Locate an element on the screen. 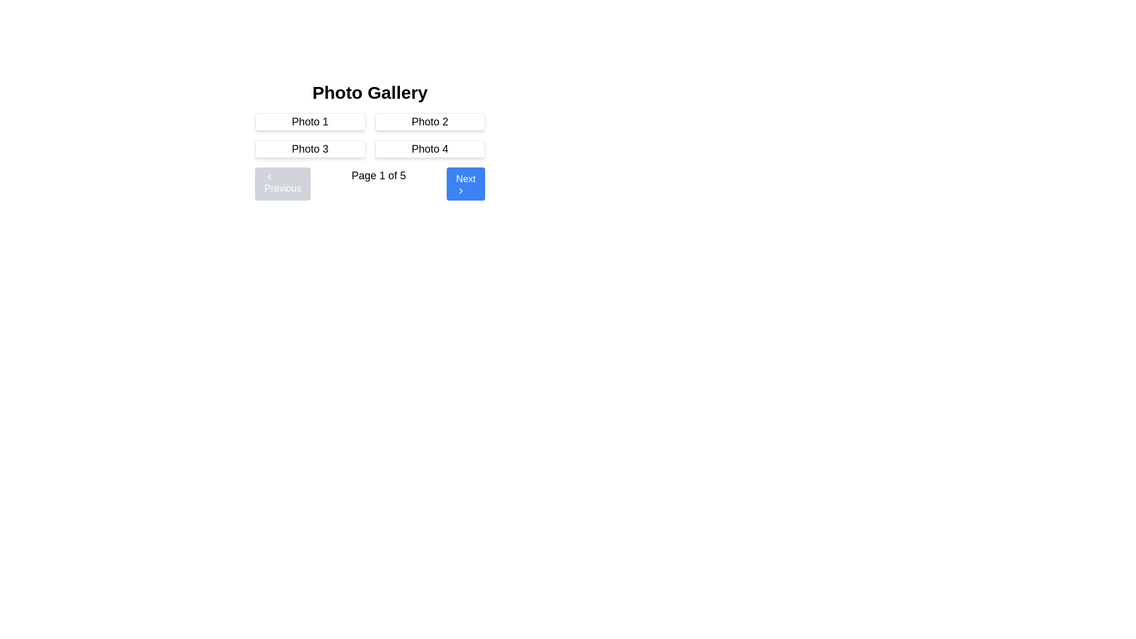 The width and height of the screenshot is (1136, 639). heading text element that displays 'Photo Gallery', which is a bold and large-sized text located at the top of the interface and horizontally centered is located at coordinates (369, 92).